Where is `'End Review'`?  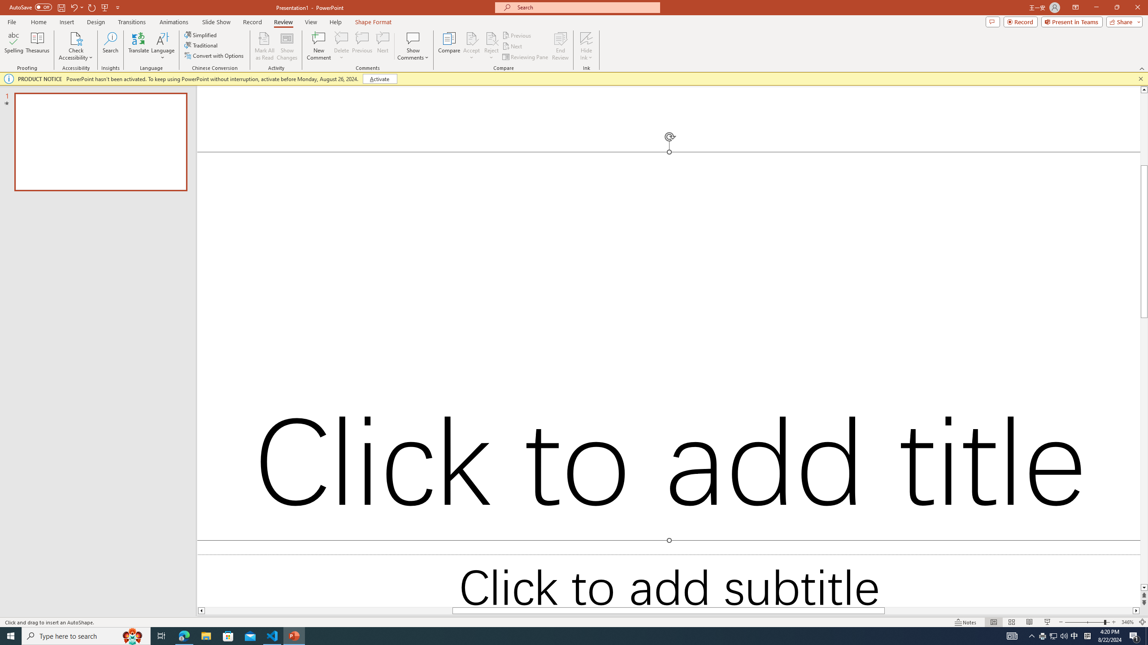
'End Review' is located at coordinates (560, 46).